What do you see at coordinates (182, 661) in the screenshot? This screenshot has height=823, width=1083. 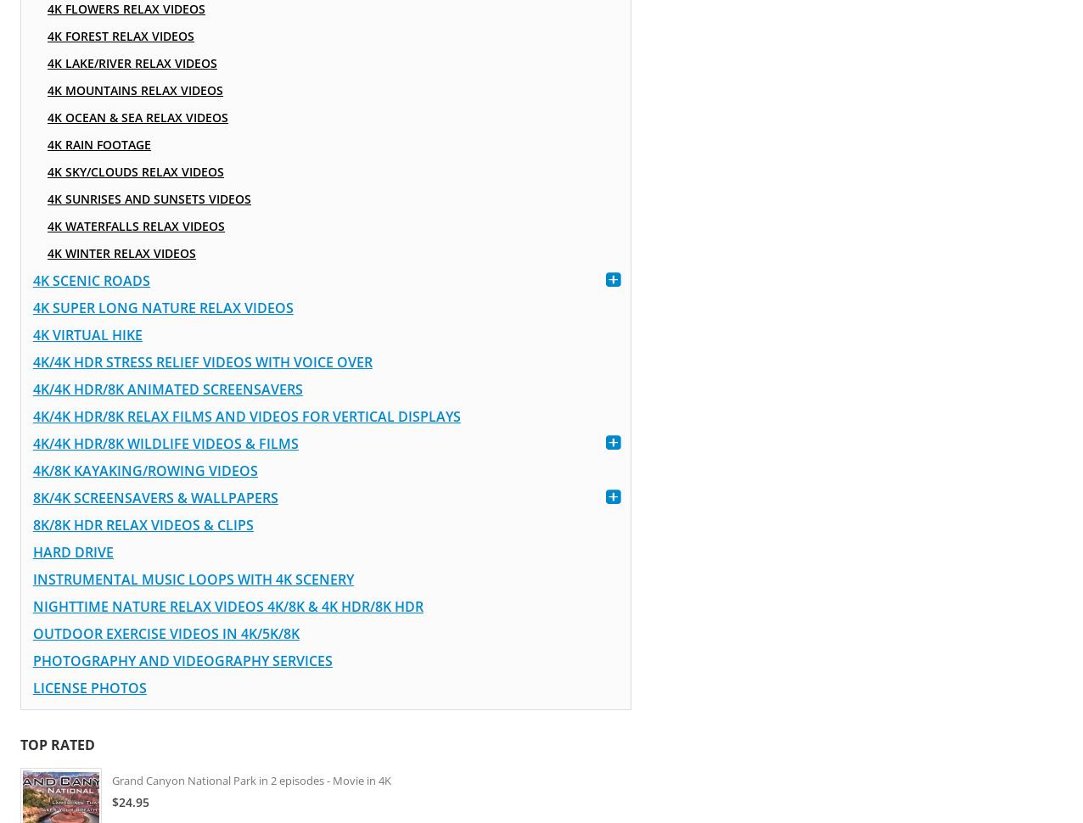 I see `'Photography and Videography Services'` at bounding box center [182, 661].